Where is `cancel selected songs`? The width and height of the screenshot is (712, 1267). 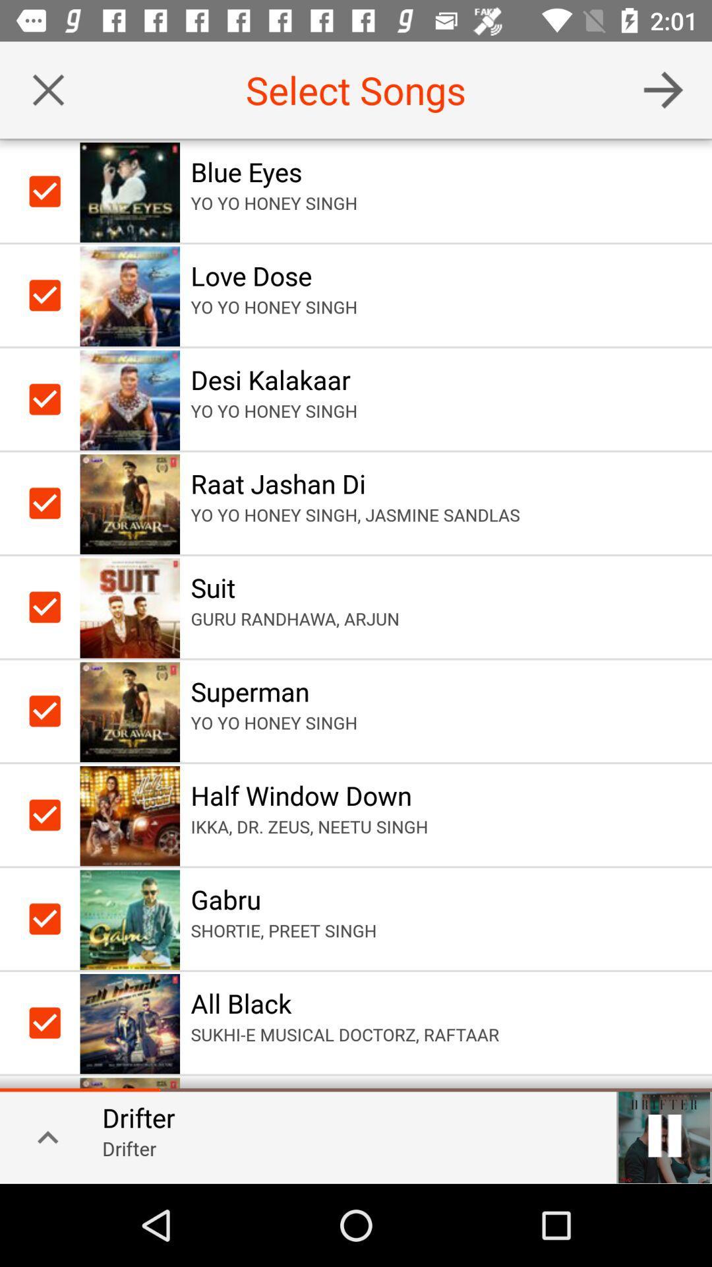 cancel selected songs is located at coordinates (47, 89).